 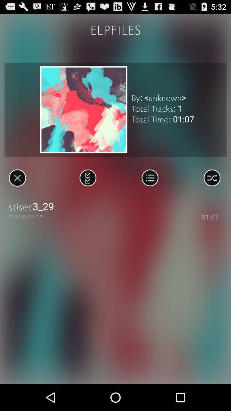 I want to click on the icon above the stiset3_29 icon, so click(x=211, y=177).